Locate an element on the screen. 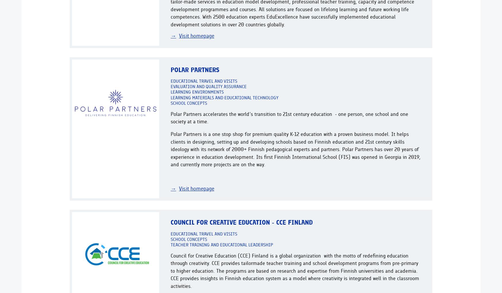 This screenshot has height=293, width=502. 'Polar Partners accelerates the world’s transition to 21st century education  - one person, one school and one society at a time.' is located at coordinates (289, 117).